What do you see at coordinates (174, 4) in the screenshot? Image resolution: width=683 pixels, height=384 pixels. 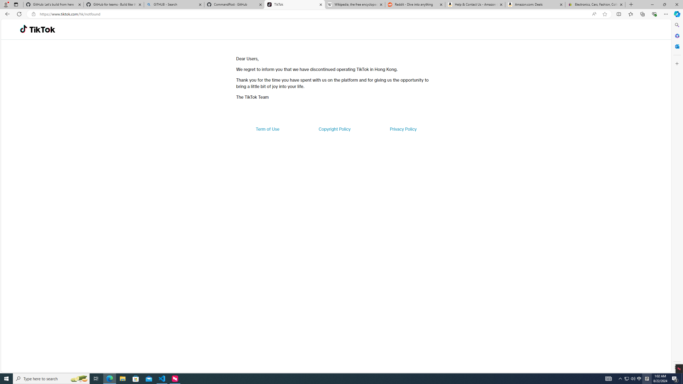 I see `'GITHUB - Search'` at bounding box center [174, 4].